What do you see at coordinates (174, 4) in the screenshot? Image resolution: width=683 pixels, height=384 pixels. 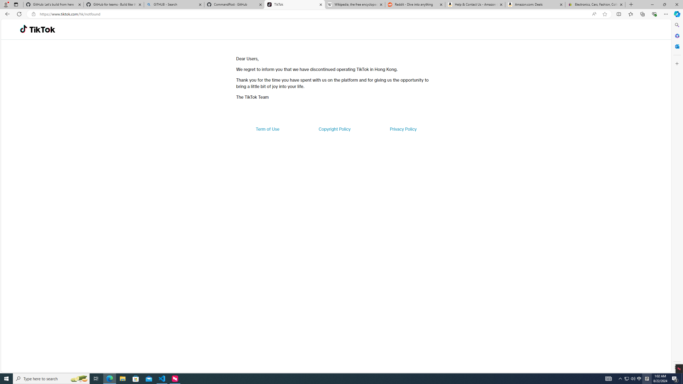 I see `'GITHUB - Search'` at bounding box center [174, 4].